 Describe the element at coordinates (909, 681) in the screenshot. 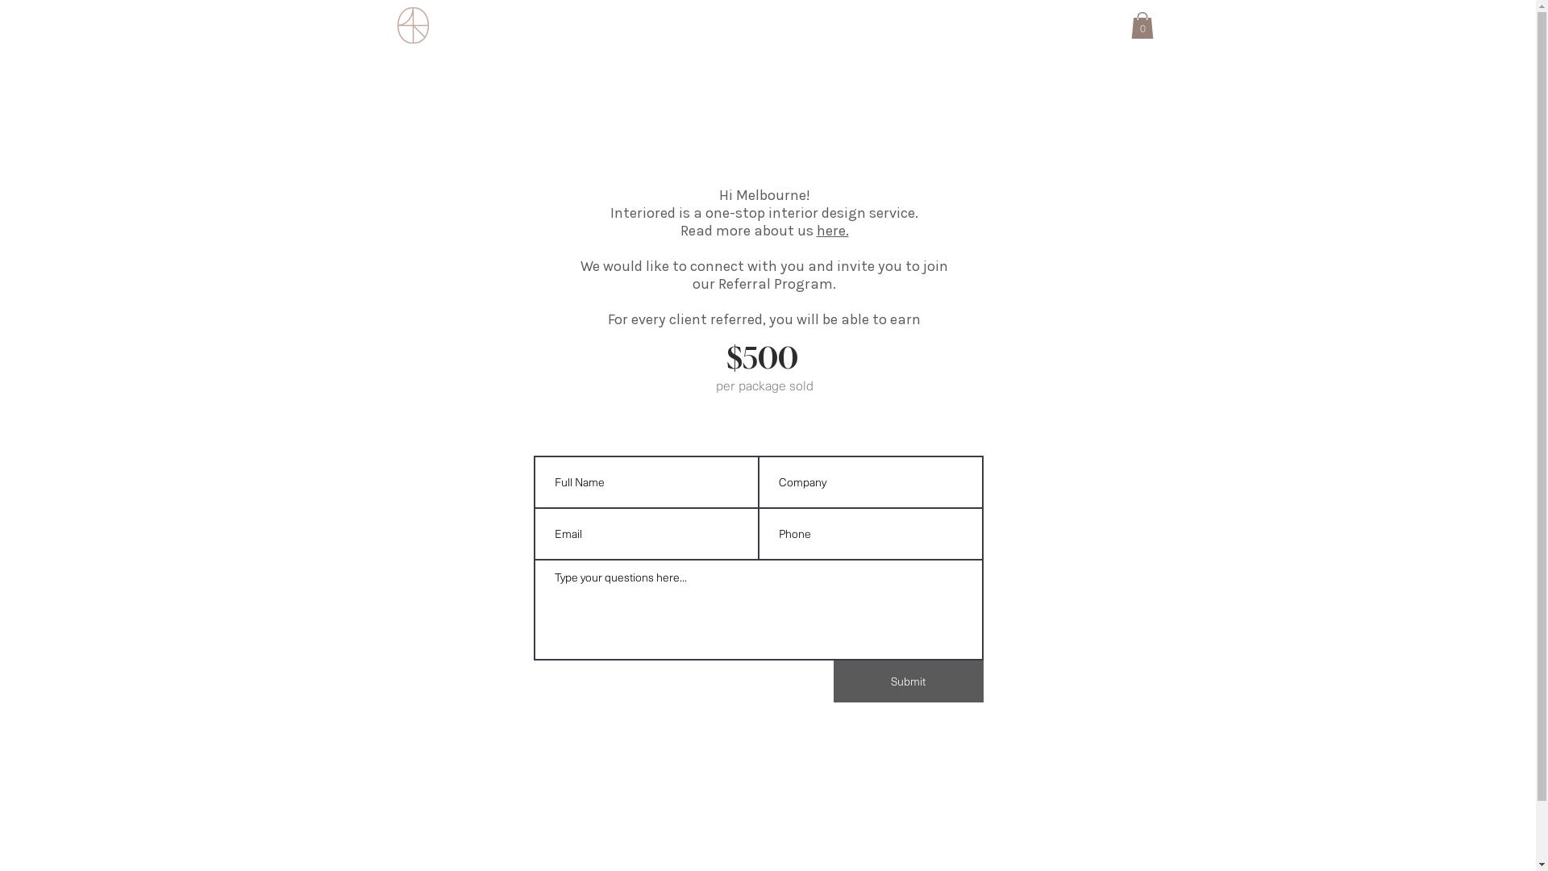

I see `'Submit'` at that location.